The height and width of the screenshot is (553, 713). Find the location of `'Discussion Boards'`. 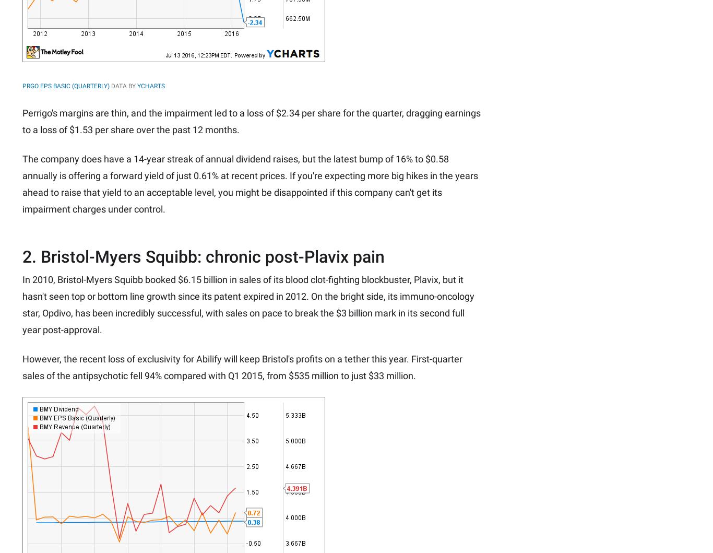

'Discussion Boards' is located at coordinates (530, 43).